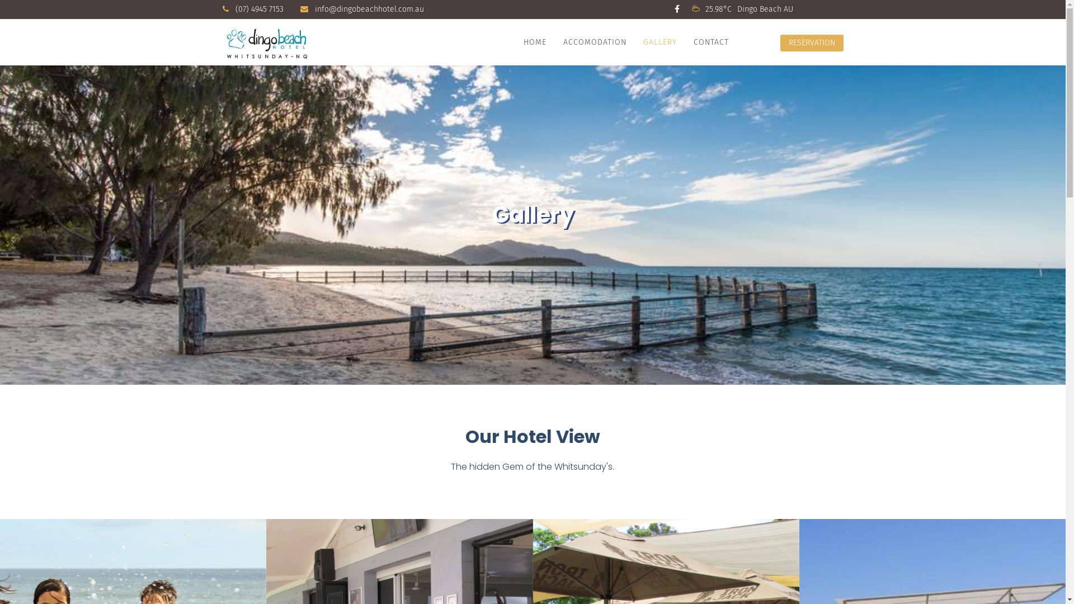 The image size is (1074, 604). Describe the element at coordinates (369, 9) in the screenshot. I see `'info@dingobeachhotel.com.au'` at that location.